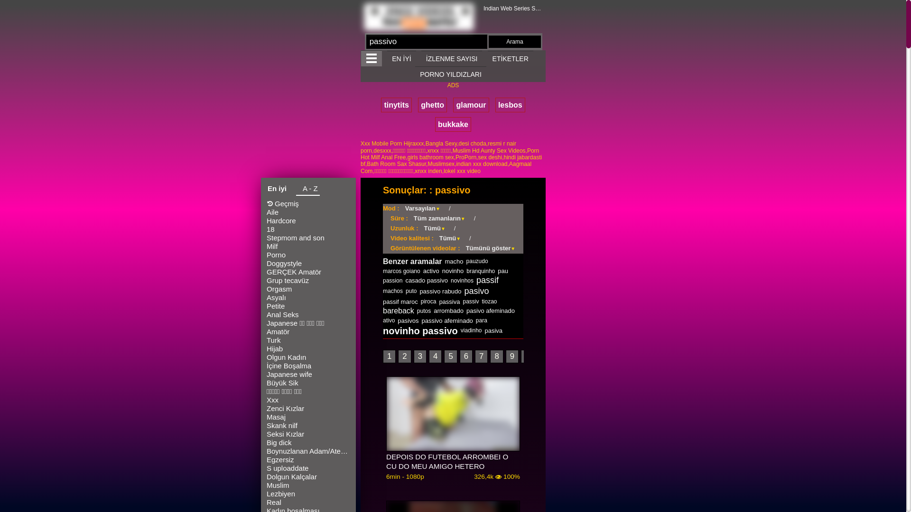 The image size is (911, 512). Describe the element at coordinates (308, 211) in the screenshot. I see `'Aile'` at that location.